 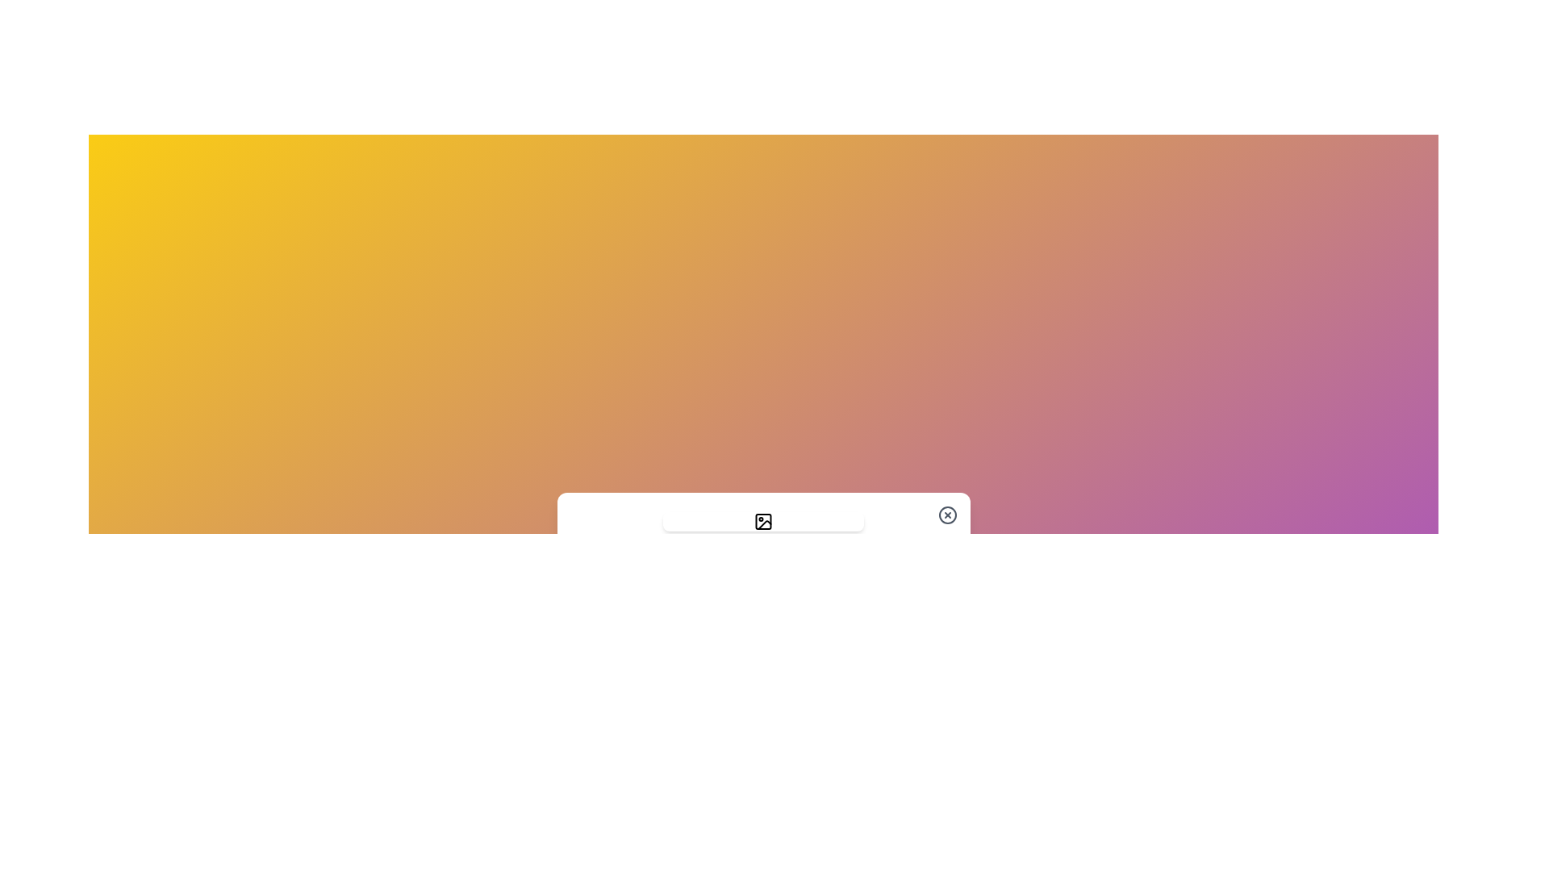 I want to click on the image placeholder icon that is centrally aligned above the text 'Vibrant Sunset' and 'Experience the warmth of an incredible sunset.', so click(x=762, y=522).